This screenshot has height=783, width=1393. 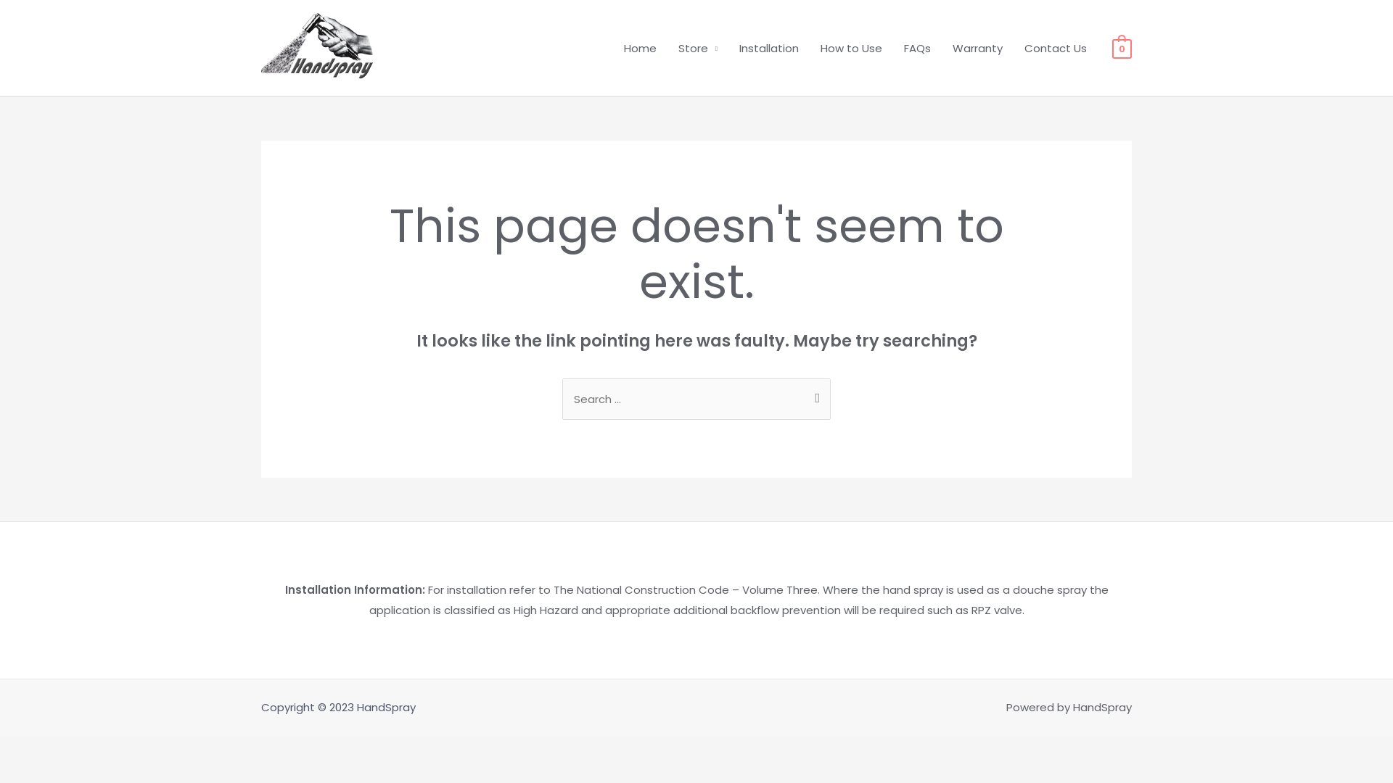 I want to click on 'Installation', so click(x=768, y=47).